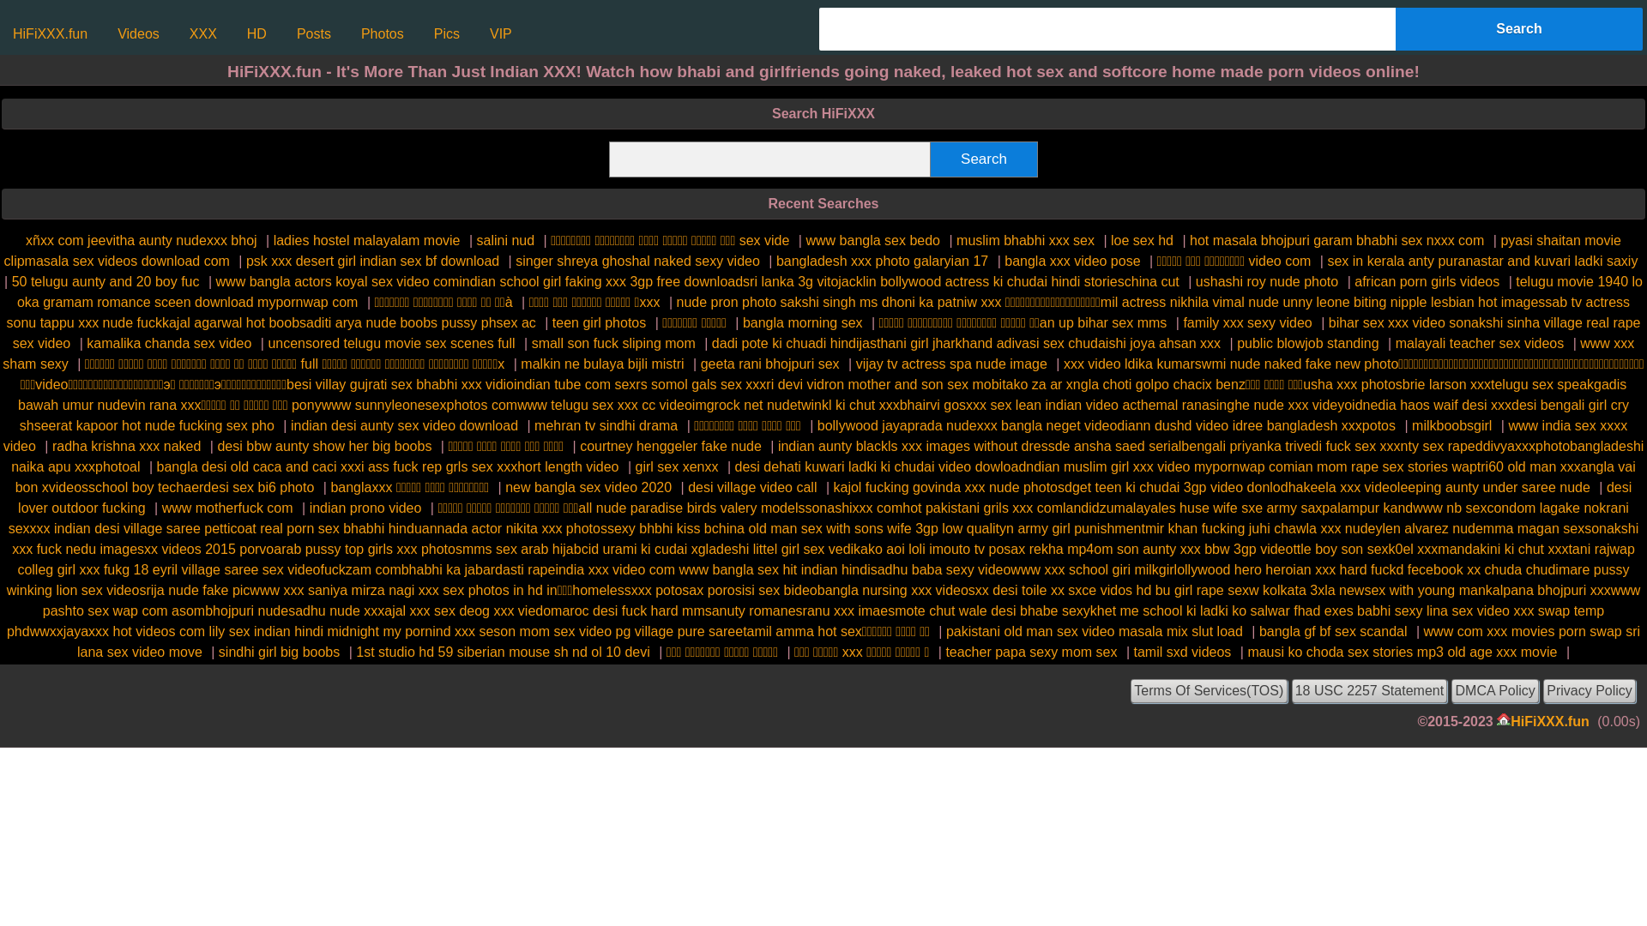 This screenshot has height=926, width=1647. What do you see at coordinates (552, 322) in the screenshot?
I see `'teen girl photos'` at bounding box center [552, 322].